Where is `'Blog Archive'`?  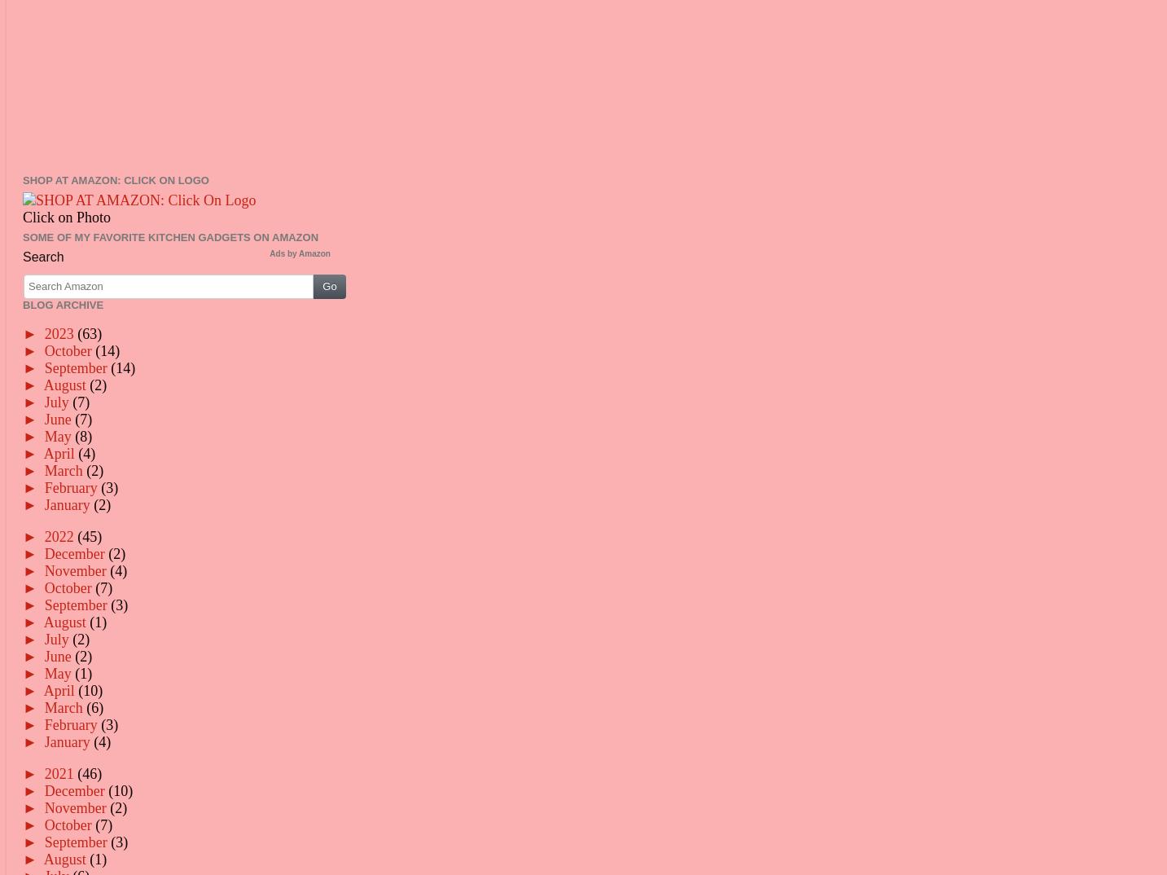 'Blog Archive' is located at coordinates (62, 303).